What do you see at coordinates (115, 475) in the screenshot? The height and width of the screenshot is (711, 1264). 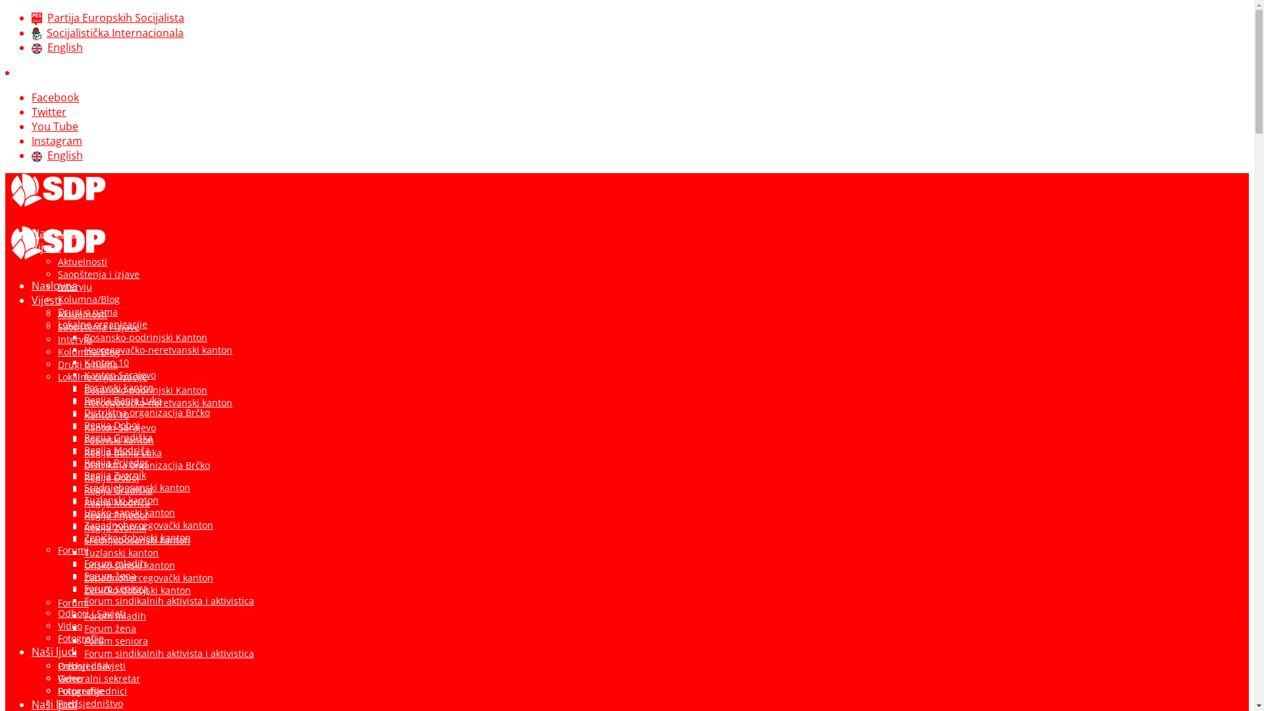 I see `'Regija Zvornik'` at bounding box center [115, 475].